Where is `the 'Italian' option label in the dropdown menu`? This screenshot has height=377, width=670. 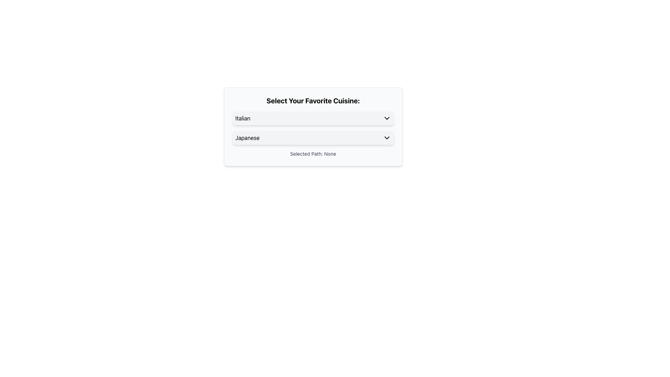 the 'Italian' option label in the dropdown menu is located at coordinates (243, 118).